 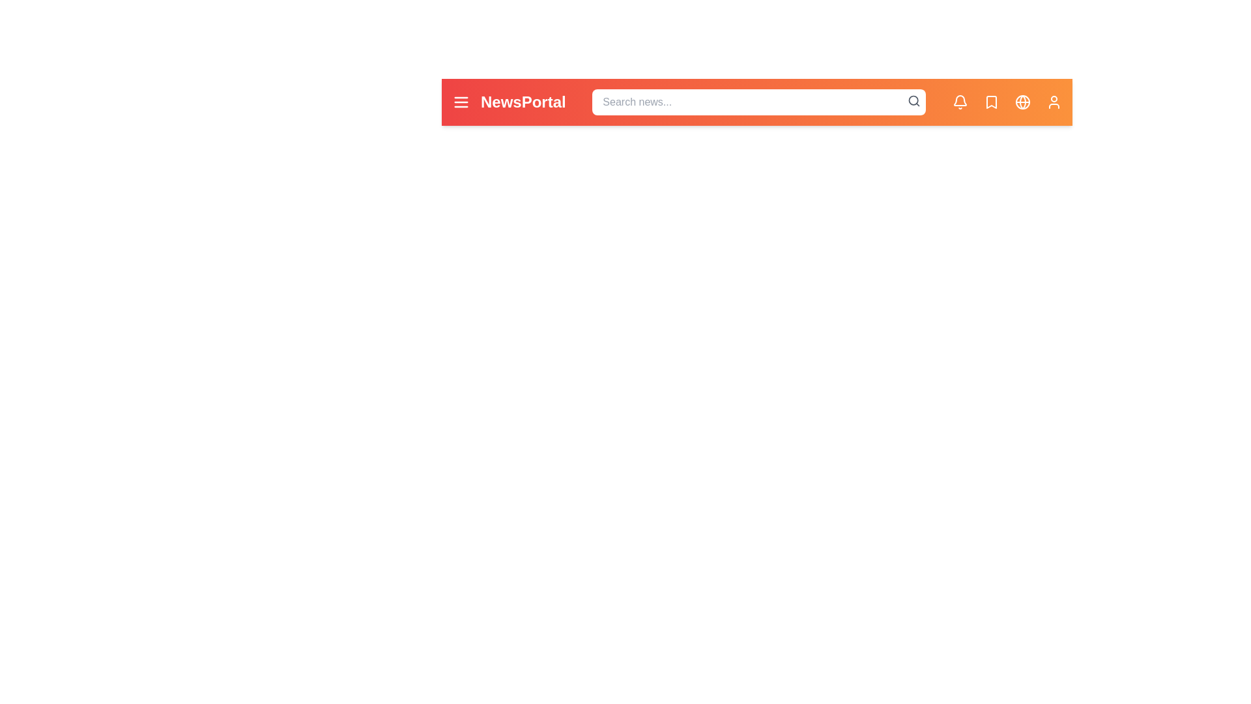 I want to click on user icon to access the user profile, so click(x=1054, y=102).